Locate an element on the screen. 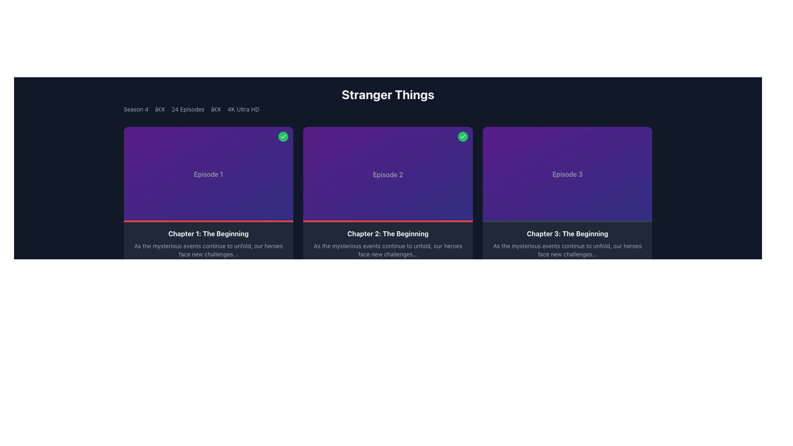 The height and width of the screenshot is (446, 793). the Text label that serves as a title or heading for the card, located centrally within the middle card of a three-card layout beneath the card header labeled 'Episode 2' is located at coordinates (387, 234).